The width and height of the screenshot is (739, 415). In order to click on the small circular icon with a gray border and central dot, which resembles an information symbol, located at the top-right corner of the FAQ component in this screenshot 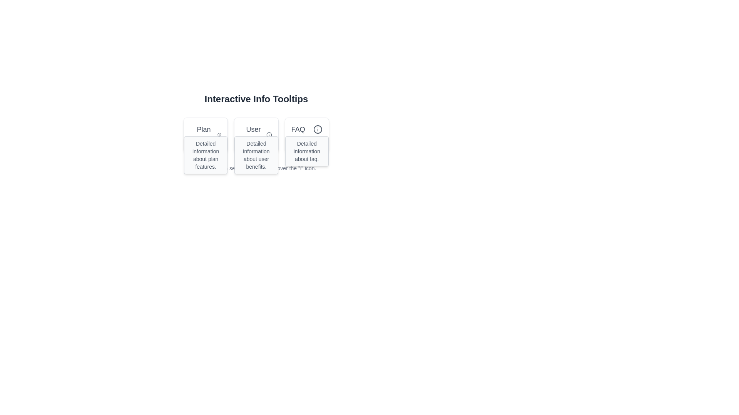, I will do `click(318, 129)`.